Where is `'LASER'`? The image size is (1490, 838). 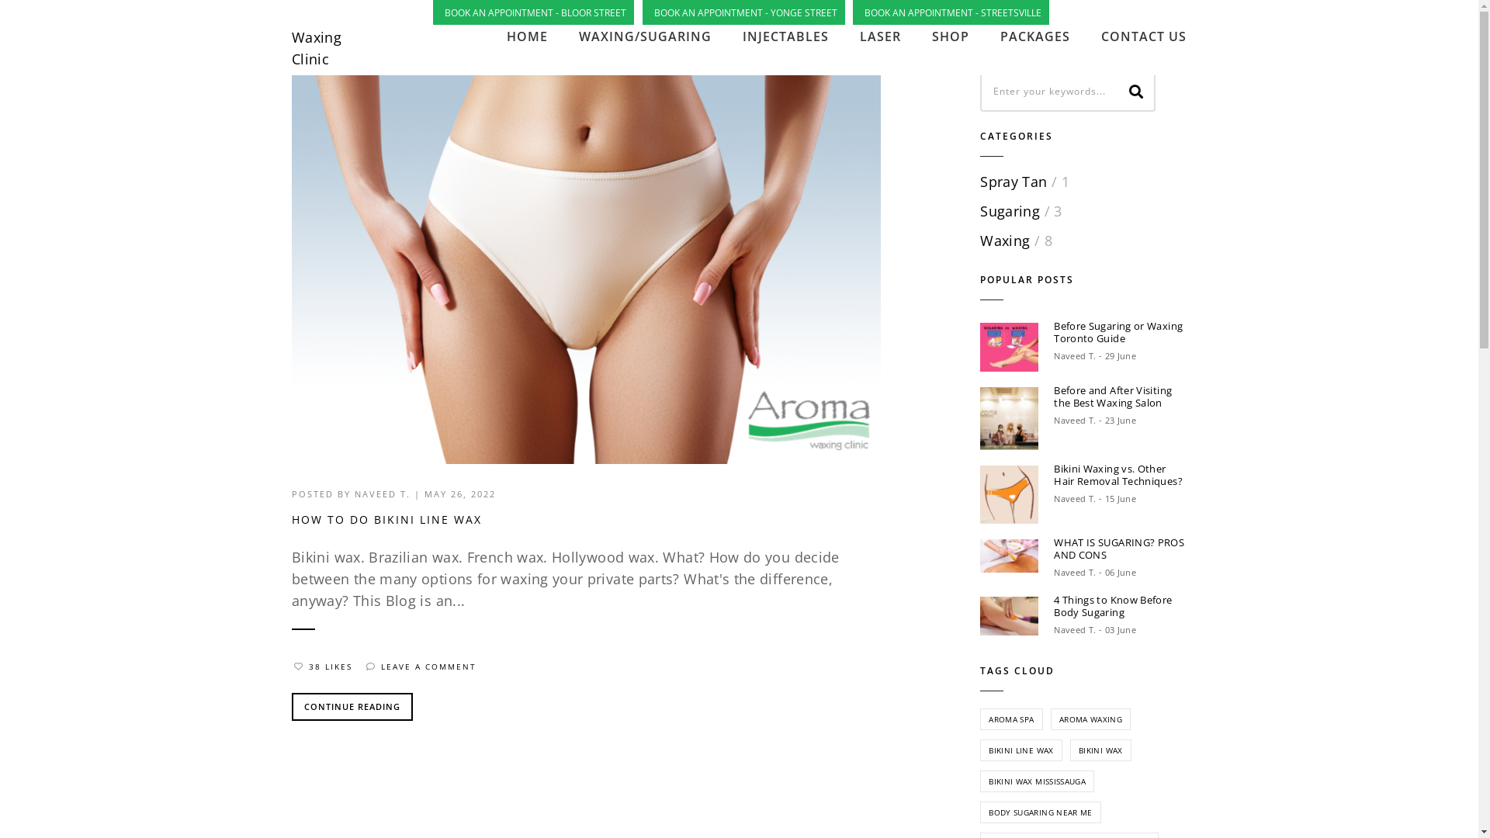
'LASER' is located at coordinates (880, 36).